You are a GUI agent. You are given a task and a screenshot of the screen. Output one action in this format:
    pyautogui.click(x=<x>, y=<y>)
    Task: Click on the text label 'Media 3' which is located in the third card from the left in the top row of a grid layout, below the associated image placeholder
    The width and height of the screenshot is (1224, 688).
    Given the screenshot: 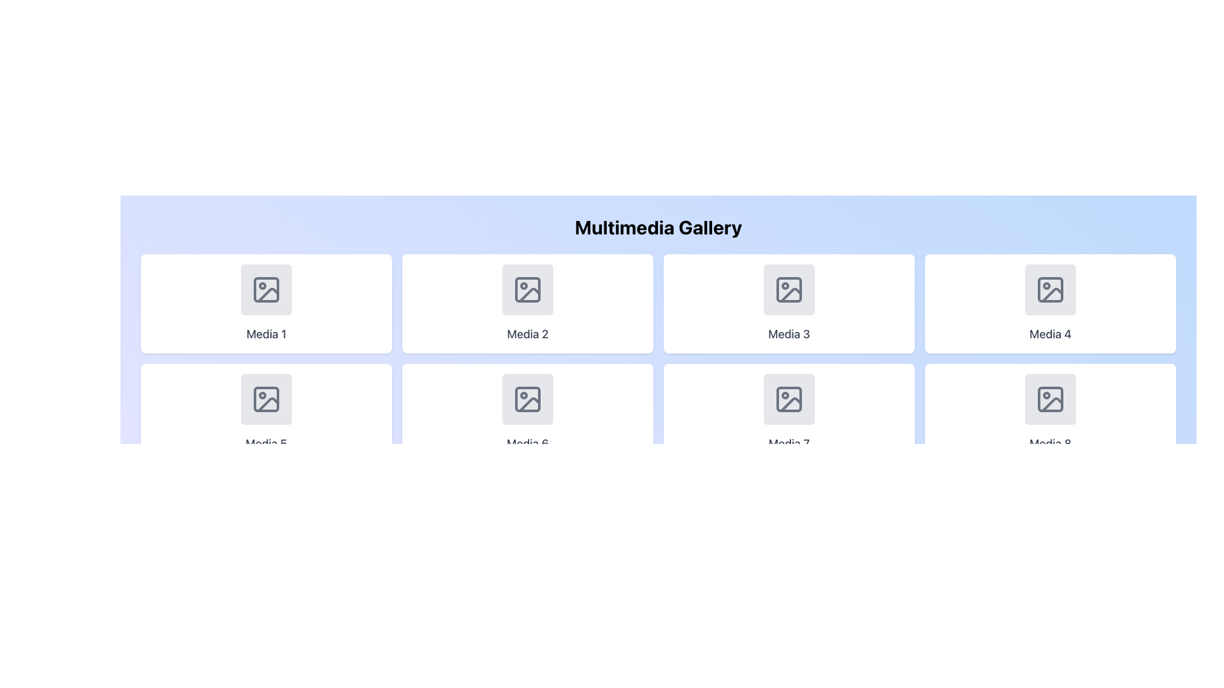 What is the action you would take?
    pyautogui.click(x=789, y=333)
    